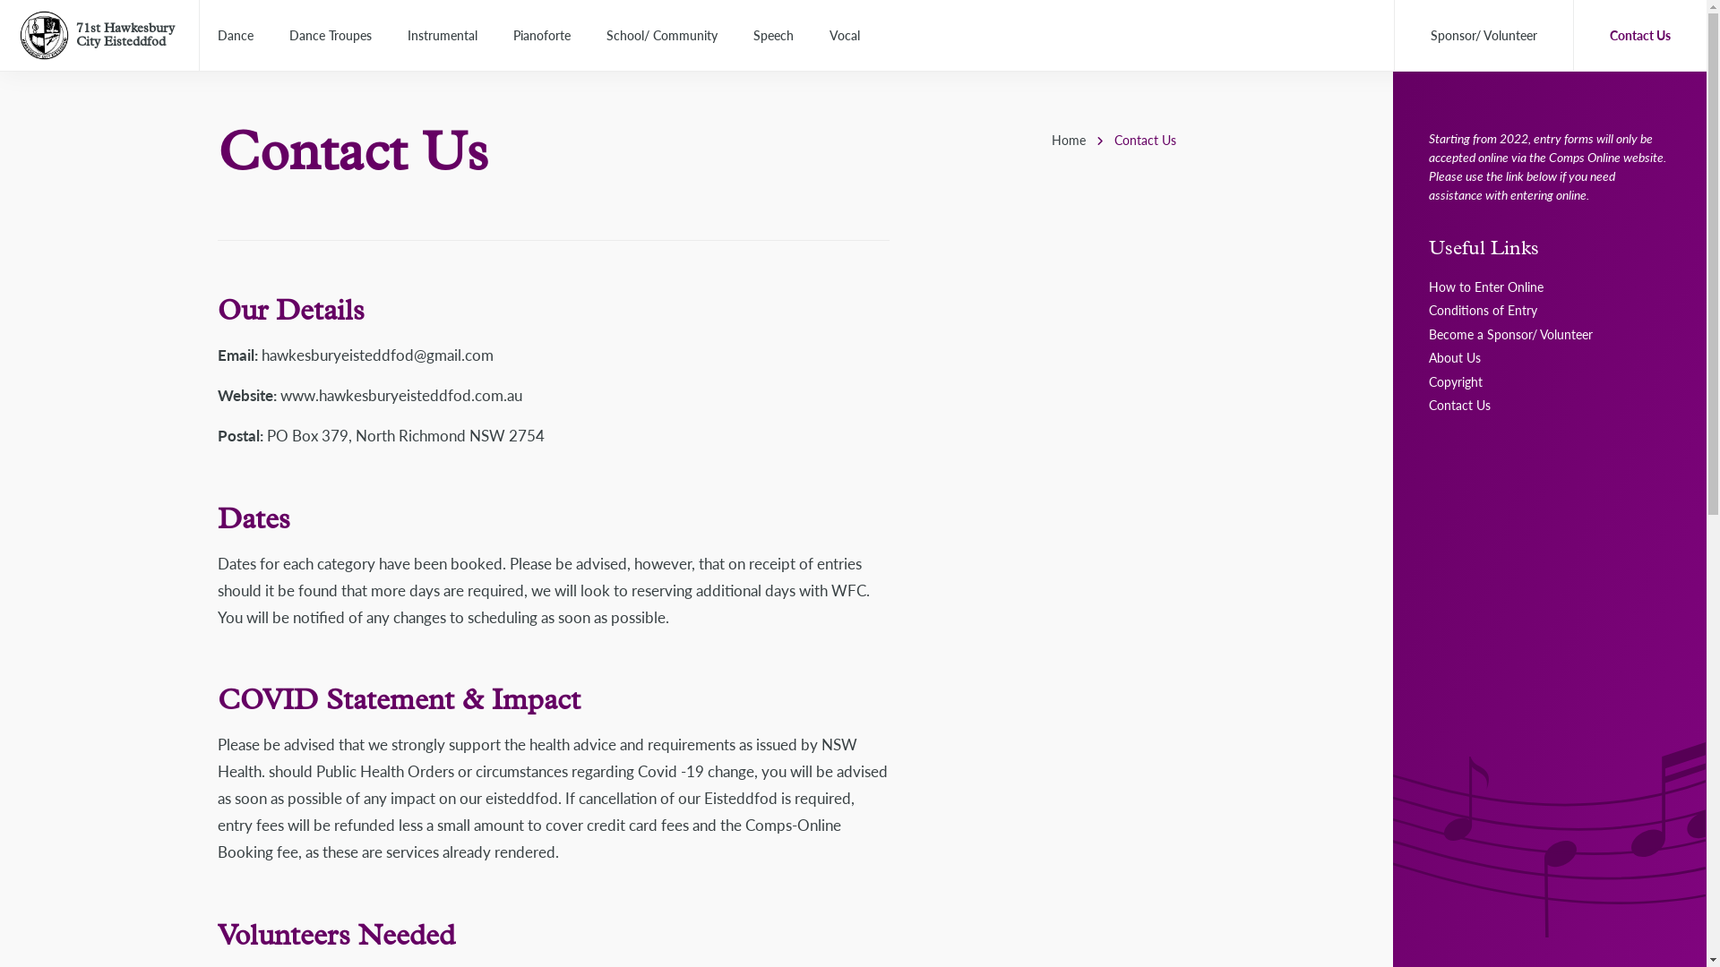  What do you see at coordinates (124, 34) in the screenshot?
I see `'71st Hawkesbury City Eisteddfod'` at bounding box center [124, 34].